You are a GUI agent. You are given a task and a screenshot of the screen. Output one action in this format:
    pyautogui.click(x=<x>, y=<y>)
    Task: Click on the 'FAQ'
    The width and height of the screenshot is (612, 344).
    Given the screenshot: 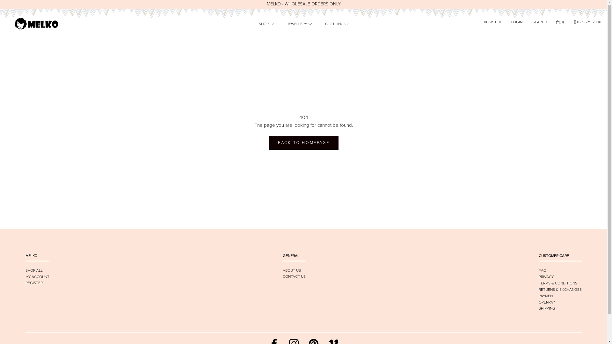 What is the action you would take?
    pyautogui.click(x=542, y=270)
    